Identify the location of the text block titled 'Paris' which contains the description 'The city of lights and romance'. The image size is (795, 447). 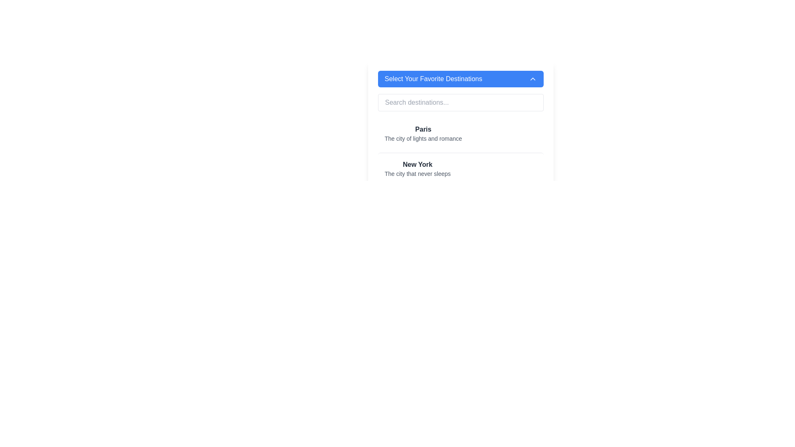
(423, 133).